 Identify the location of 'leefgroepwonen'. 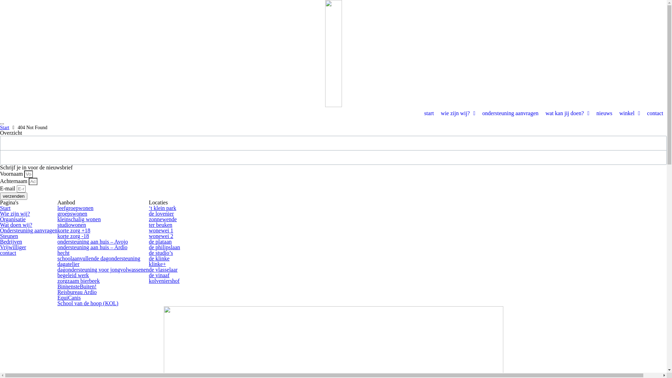
(75, 208).